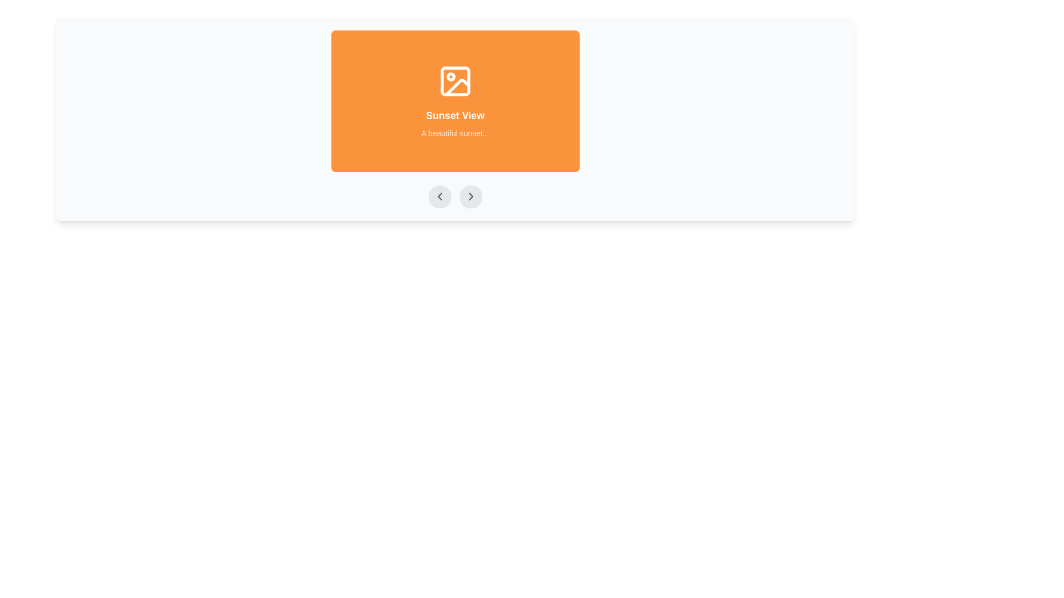  Describe the element at coordinates (439, 195) in the screenshot. I see `the navigation button located below the orange card labeled 'Sunset View', which is the first button from the left in the group of navigation buttons` at that location.